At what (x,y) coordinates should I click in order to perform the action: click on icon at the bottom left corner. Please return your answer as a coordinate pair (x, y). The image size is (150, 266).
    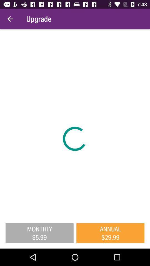
    Looking at the image, I should click on (39, 233).